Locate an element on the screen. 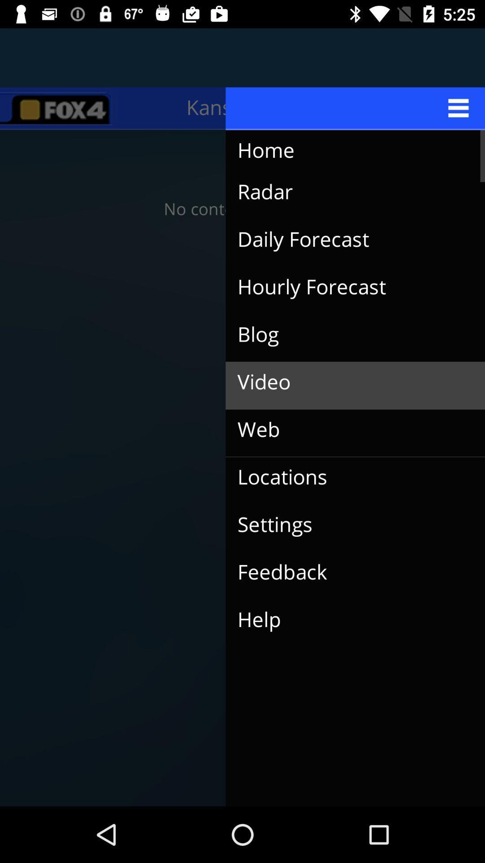 The image size is (485, 863). a menu option on a page is located at coordinates (355, 108).